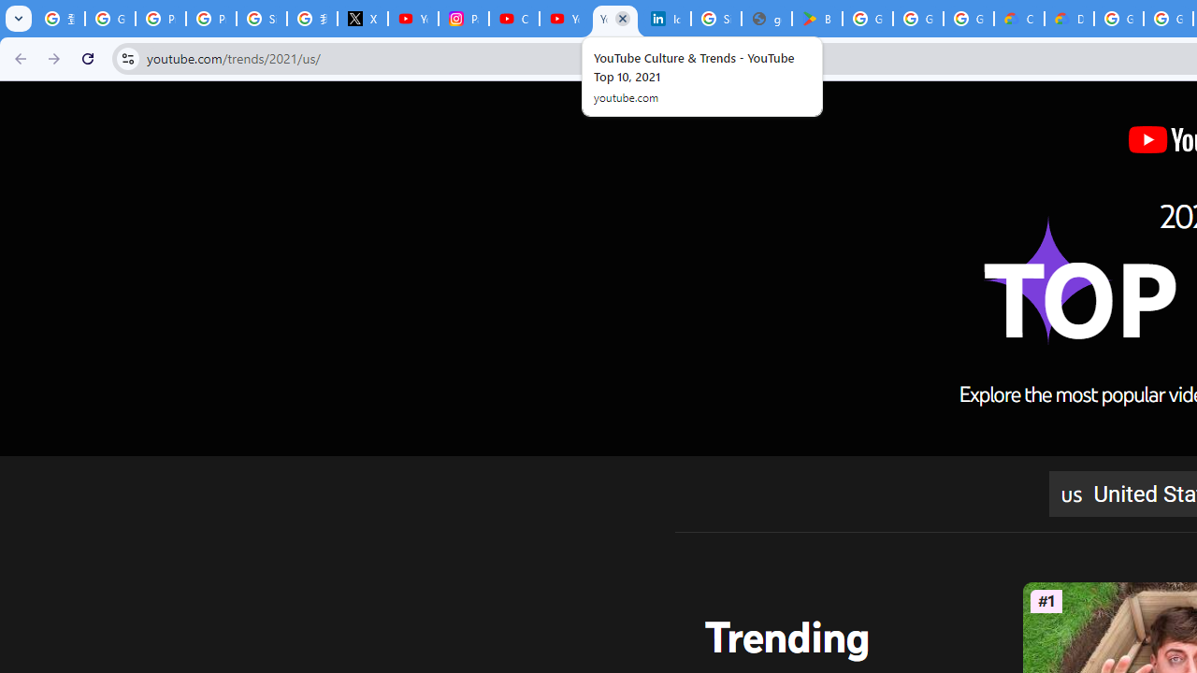 Image resolution: width=1197 pixels, height=673 pixels. I want to click on 'Bluey: Let', so click(817, 19).